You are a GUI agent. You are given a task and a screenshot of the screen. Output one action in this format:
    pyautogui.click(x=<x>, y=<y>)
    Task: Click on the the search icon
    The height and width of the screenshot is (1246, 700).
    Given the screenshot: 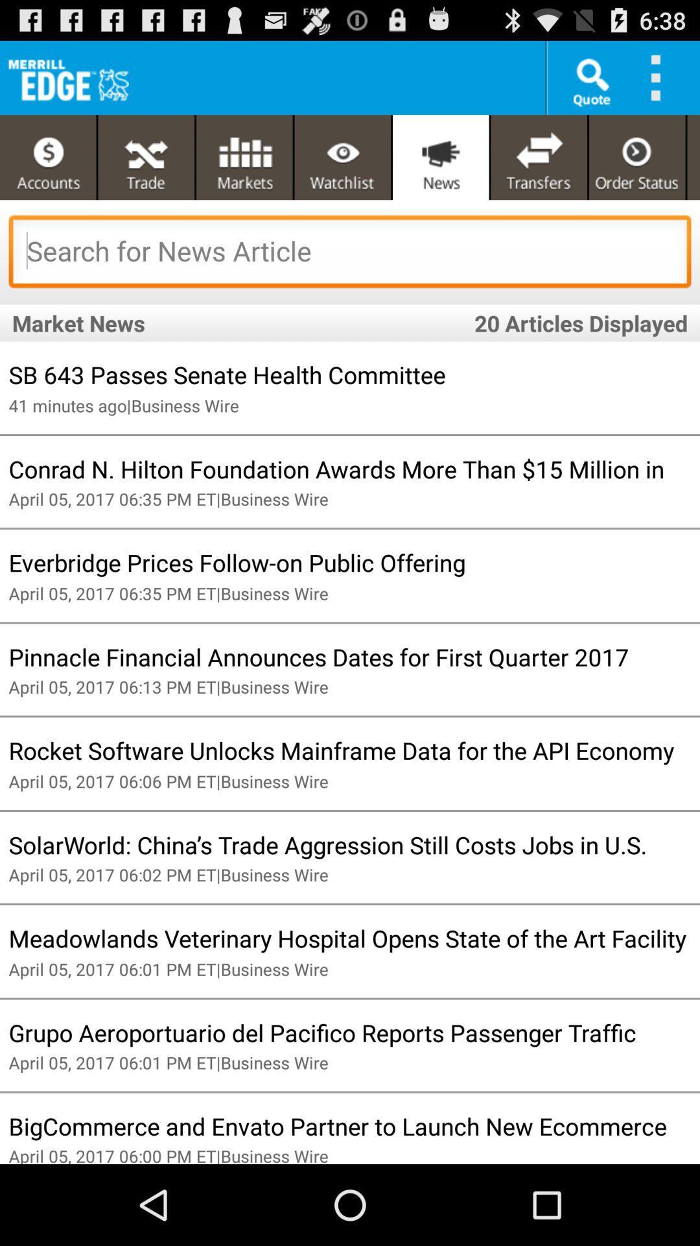 What is the action you would take?
    pyautogui.click(x=583, y=82)
    